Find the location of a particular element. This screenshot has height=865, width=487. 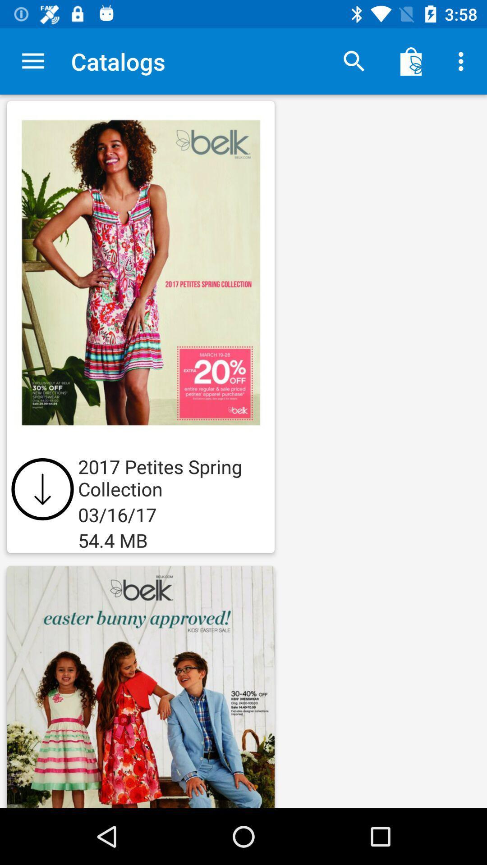

the app next to the catalogs item is located at coordinates (354, 61).